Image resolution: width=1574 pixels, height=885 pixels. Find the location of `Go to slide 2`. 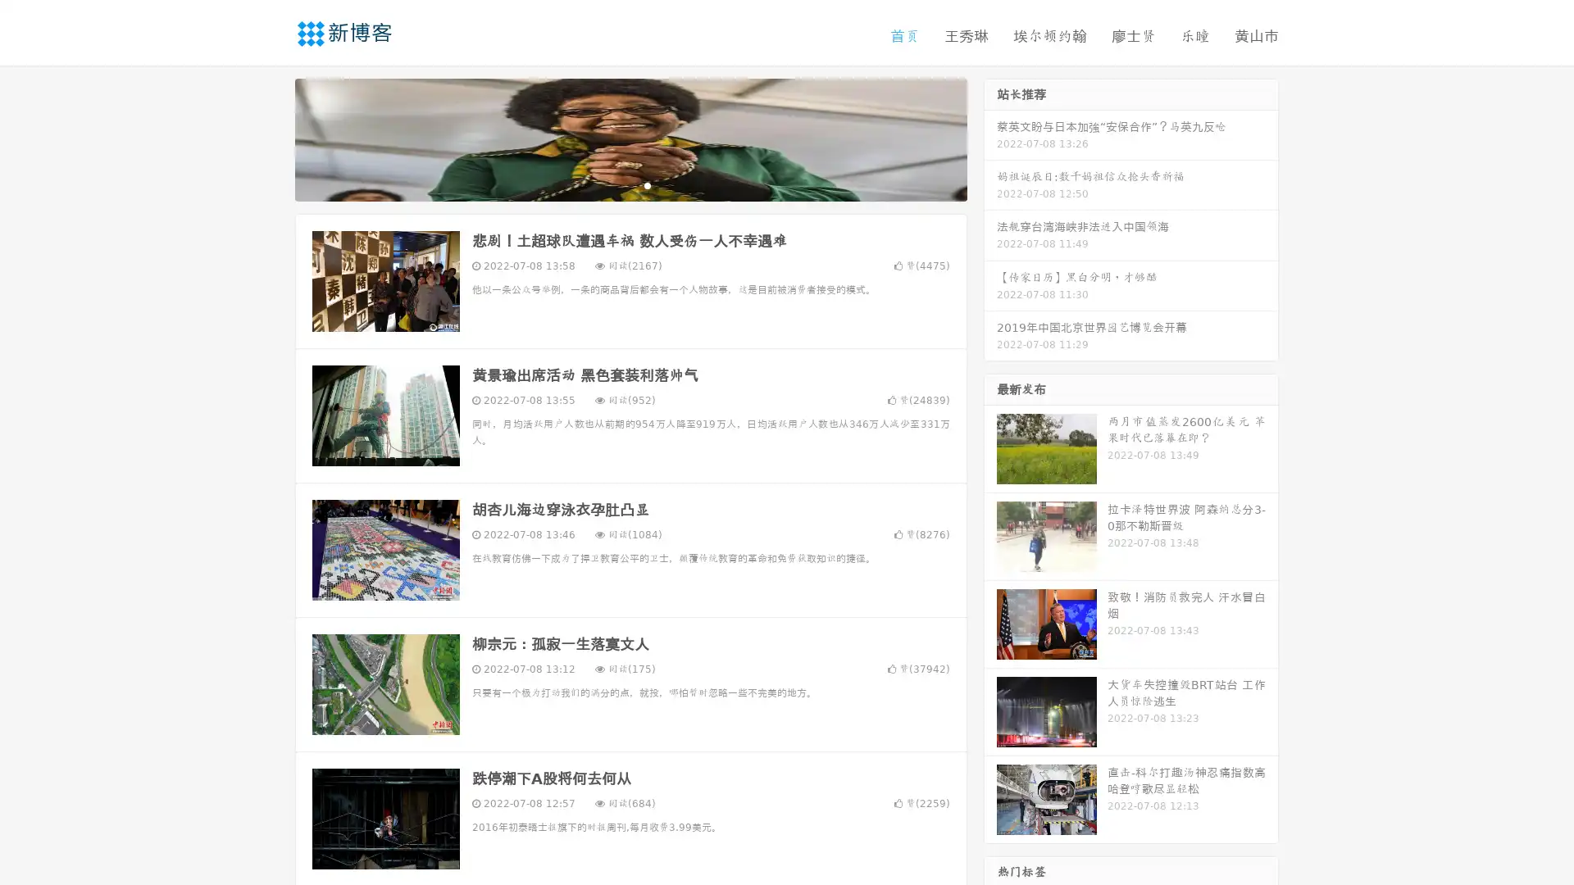

Go to slide 2 is located at coordinates (630, 184).